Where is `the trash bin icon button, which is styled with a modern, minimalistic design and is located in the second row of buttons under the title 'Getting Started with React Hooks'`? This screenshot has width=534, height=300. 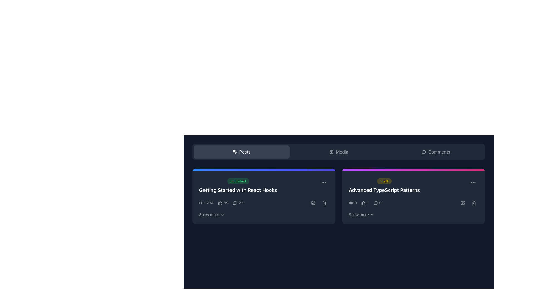
the trash bin icon button, which is styled with a modern, minimalistic design and is located in the second row of buttons under the title 'Getting Started with React Hooks' is located at coordinates (324, 203).